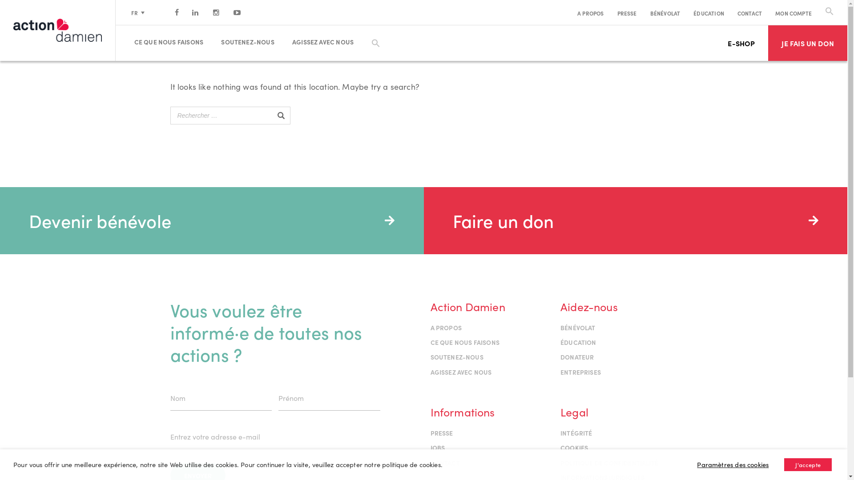 The width and height of the screenshot is (854, 480). I want to click on 'CE QUE NOUS FAISONS', so click(173, 41).